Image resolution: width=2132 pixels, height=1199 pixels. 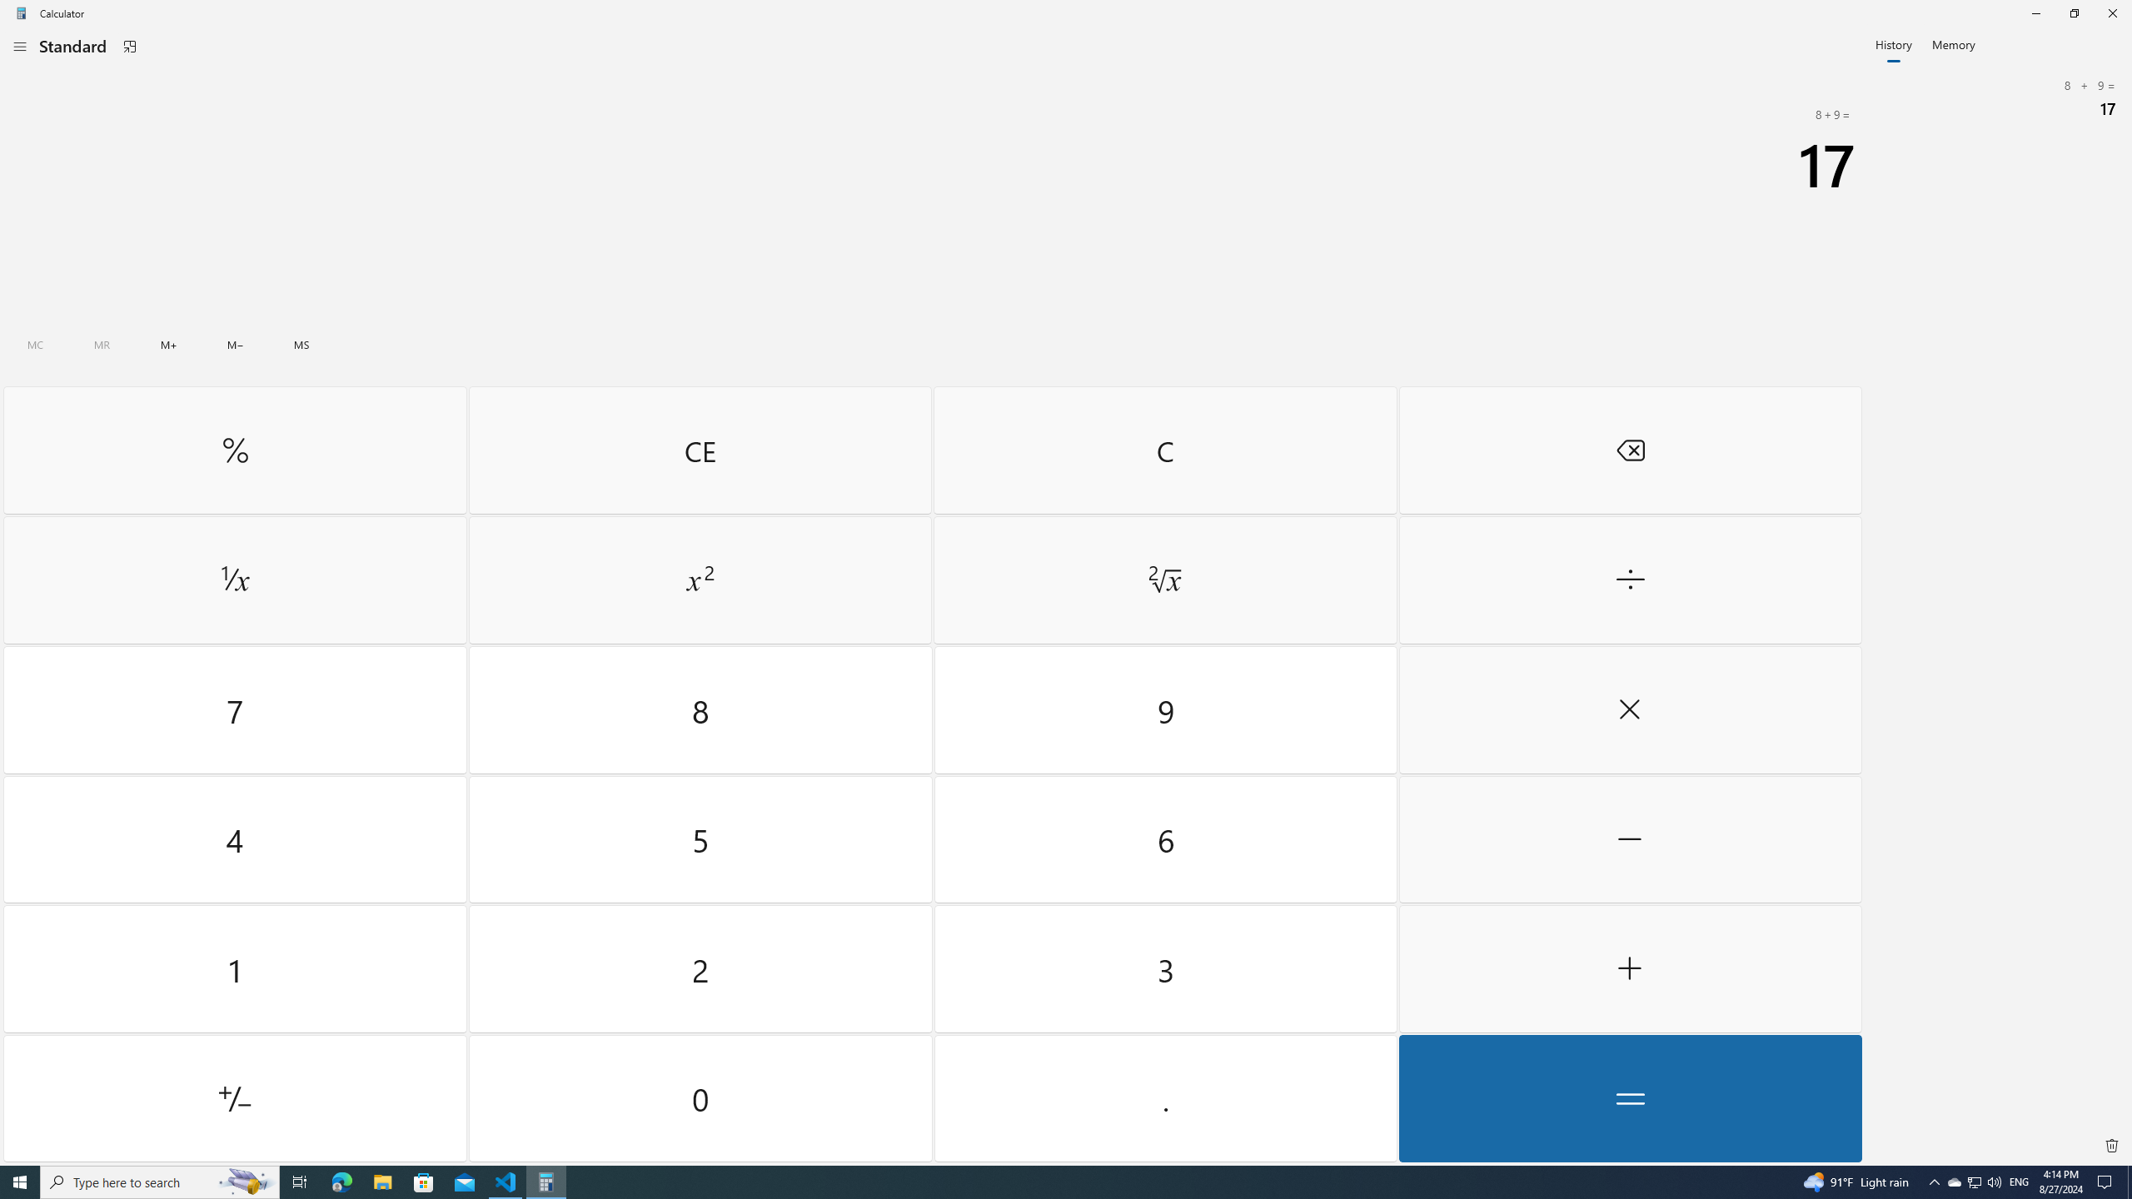 What do you see at coordinates (20, 45) in the screenshot?
I see `'Open Navigation'` at bounding box center [20, 45].